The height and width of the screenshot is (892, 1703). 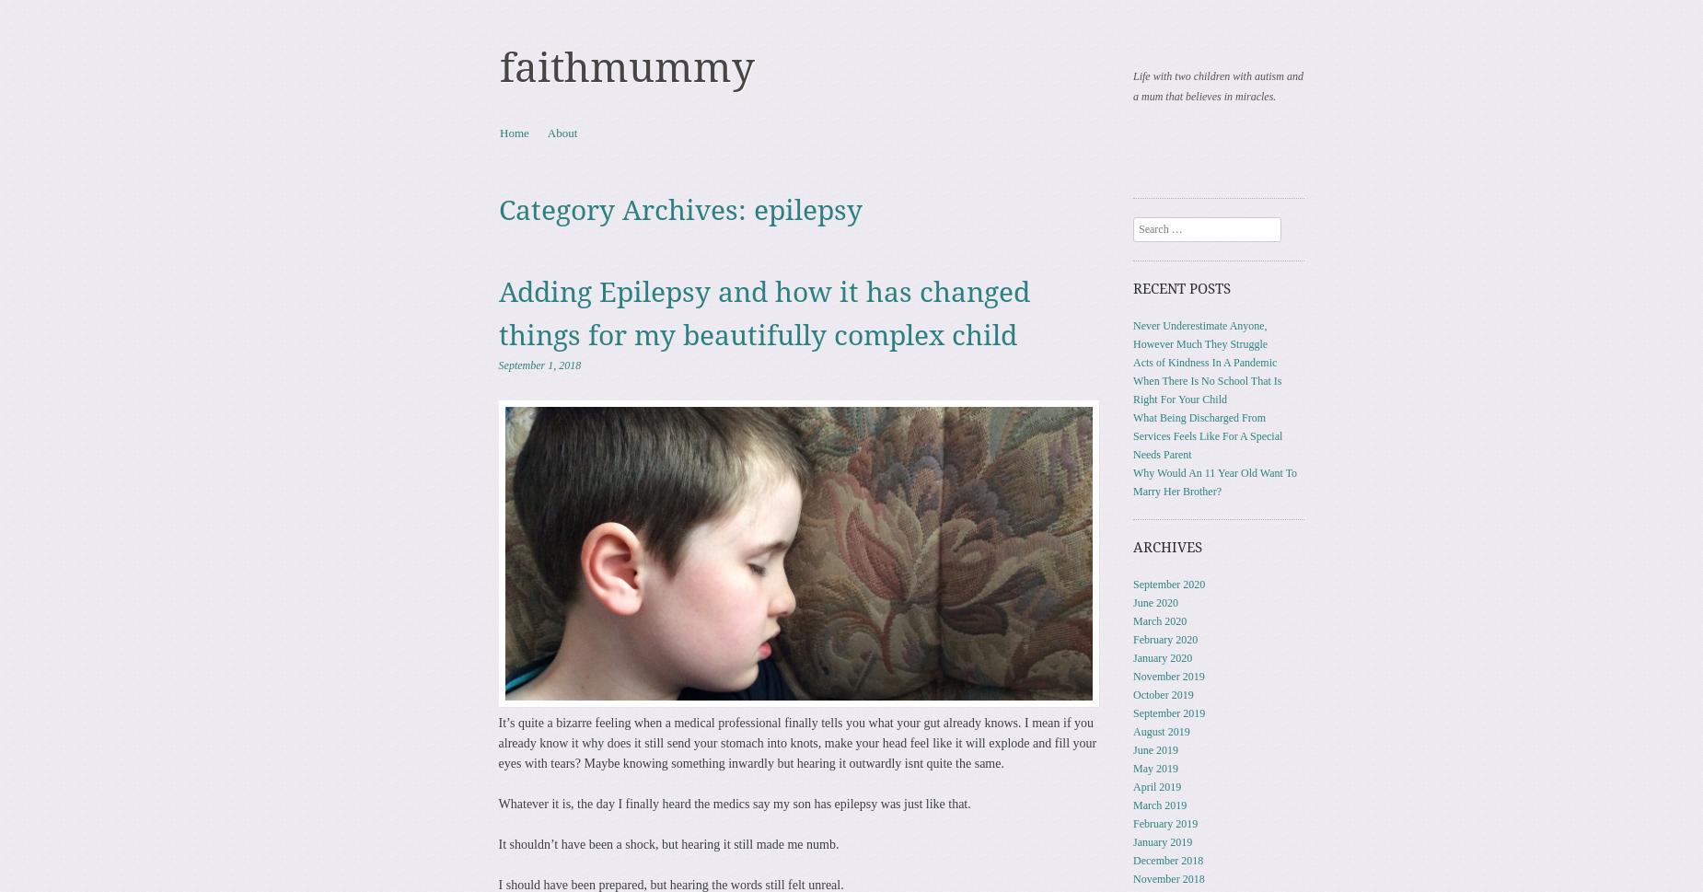 What do you see at coordinates (1131, 840) in the screenshot?
I see `'January 2019'` at bounding box center [1131, 840].